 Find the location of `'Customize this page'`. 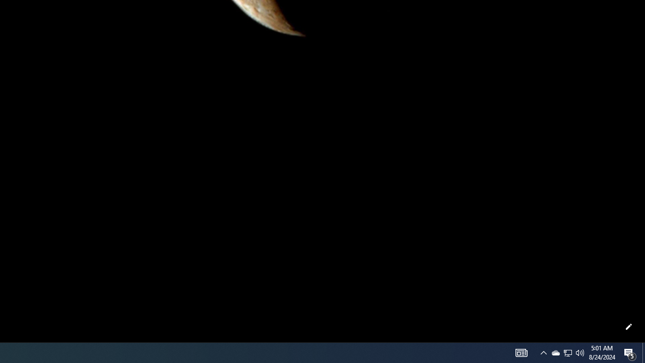

'Customize this page' is located at coordinates (628, 327).